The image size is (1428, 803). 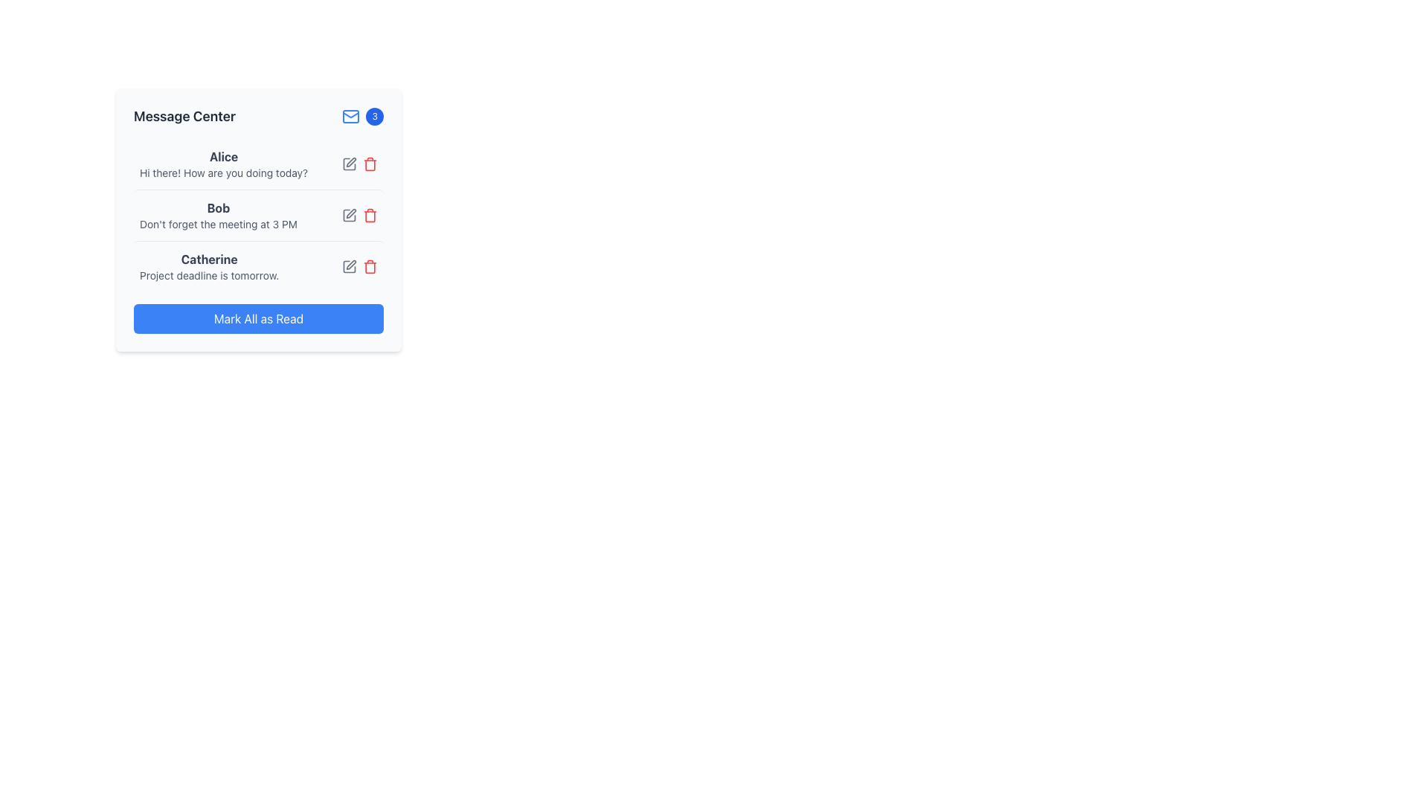 What do you see at coordinates (350, 116) in the screenshot?
I see `the mailbox icon located in the top-right quadrant of the 'Message Center' card, positioned to the left of the notification badge displaying the number '3'` at bounding box center [350, 116].